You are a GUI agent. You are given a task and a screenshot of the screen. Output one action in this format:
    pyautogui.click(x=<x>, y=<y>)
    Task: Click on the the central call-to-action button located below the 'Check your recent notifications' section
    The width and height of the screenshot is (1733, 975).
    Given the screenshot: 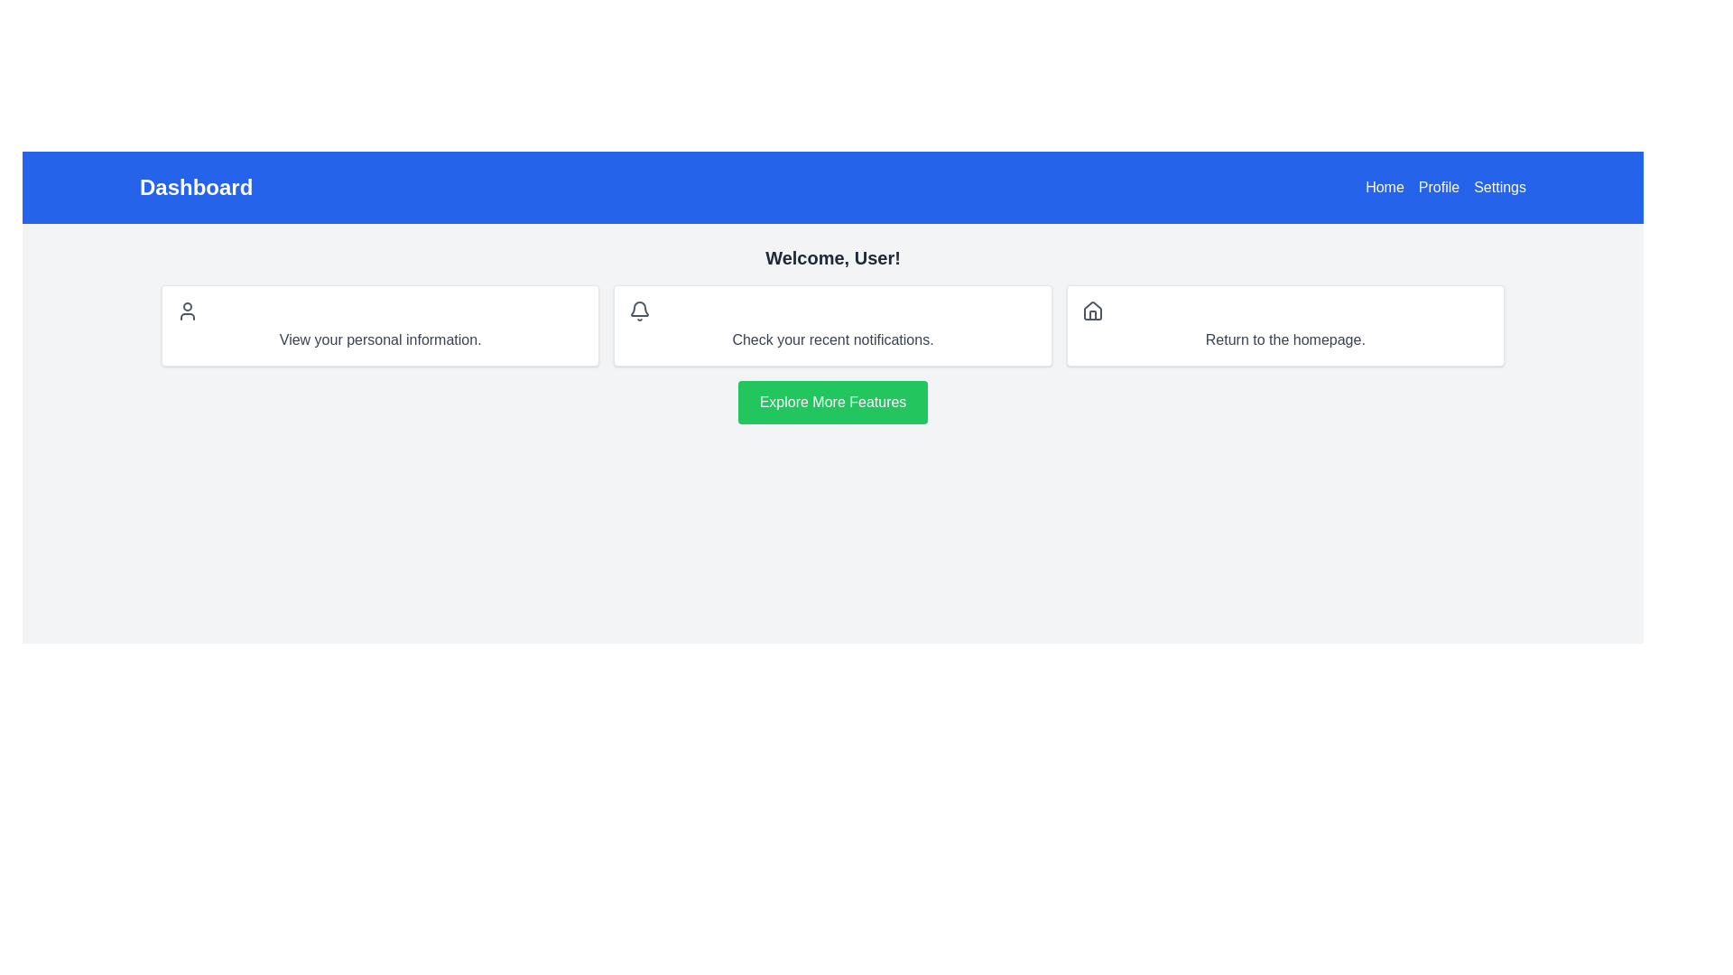 What is the action you would take?
    pyautogui.click(x=831, y=402)
    